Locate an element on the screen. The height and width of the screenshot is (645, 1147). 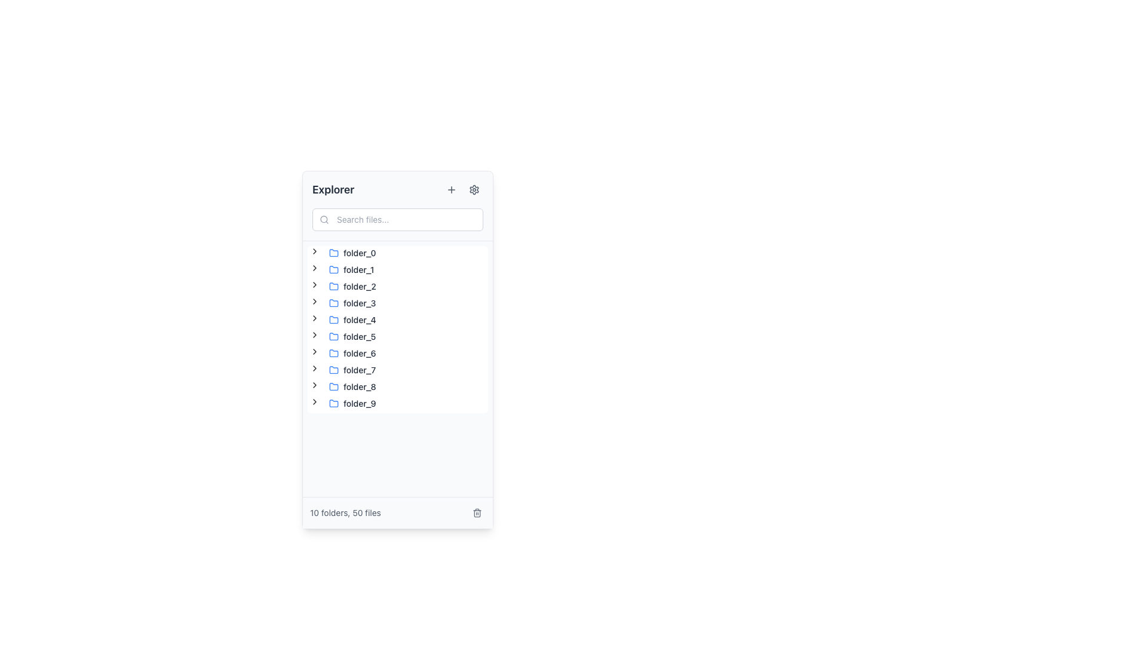
the folder icon representing 'folder_9' is located at coordinates (333, 403).